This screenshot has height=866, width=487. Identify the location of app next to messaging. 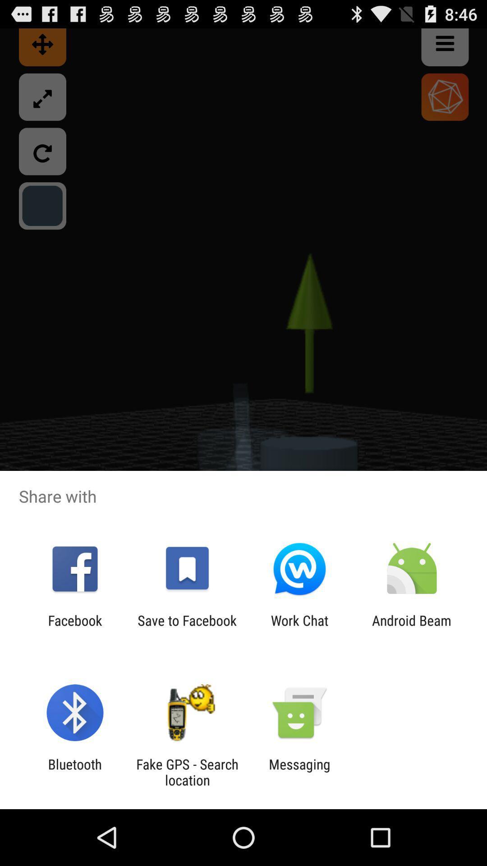
(187, 772).